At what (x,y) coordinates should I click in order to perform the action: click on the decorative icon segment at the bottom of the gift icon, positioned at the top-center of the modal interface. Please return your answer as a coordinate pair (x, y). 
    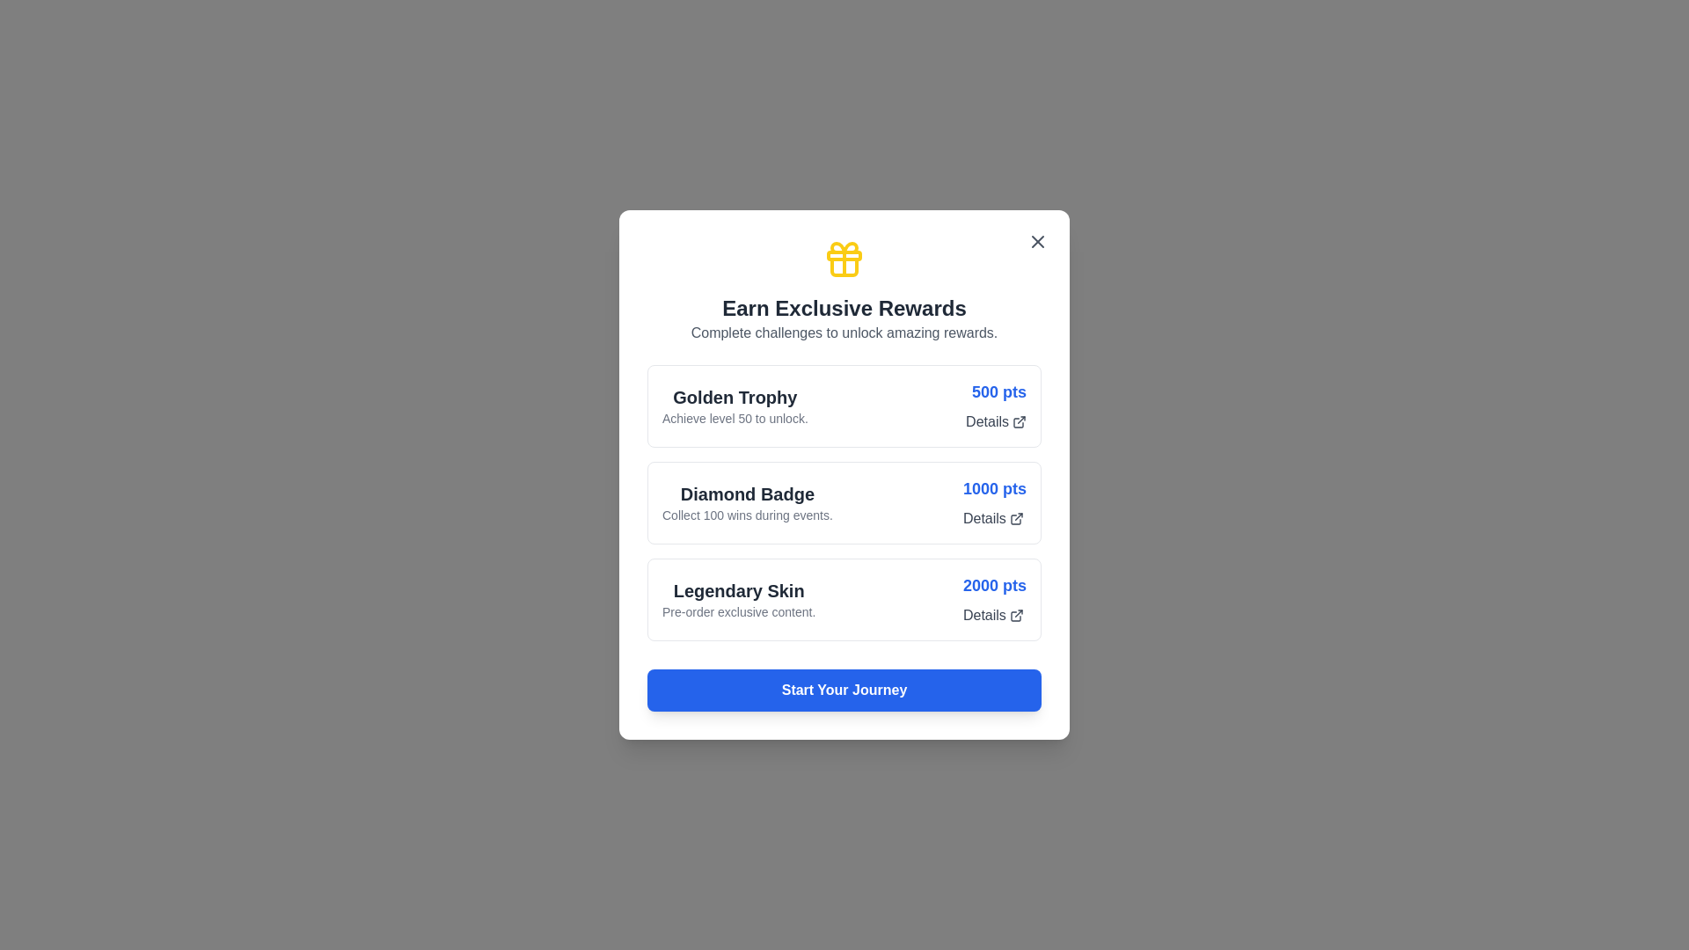
    Looking at the image, I should click on (844, 267).